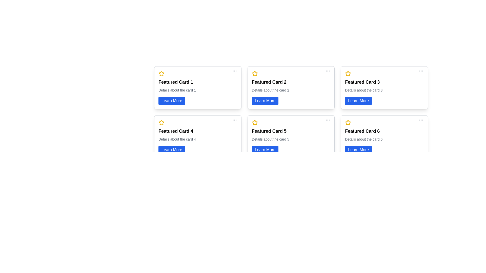 This screenshot has width=486, height=273. What do you see at coordinates (363, 139) in the screenshot?
I see `text block containing the phrase 'Details about the card 6', which is styled in smaller, gray-colored text and positioned beneath the title 'Featured Card 6' within the card` at bounding box center [363, 139].